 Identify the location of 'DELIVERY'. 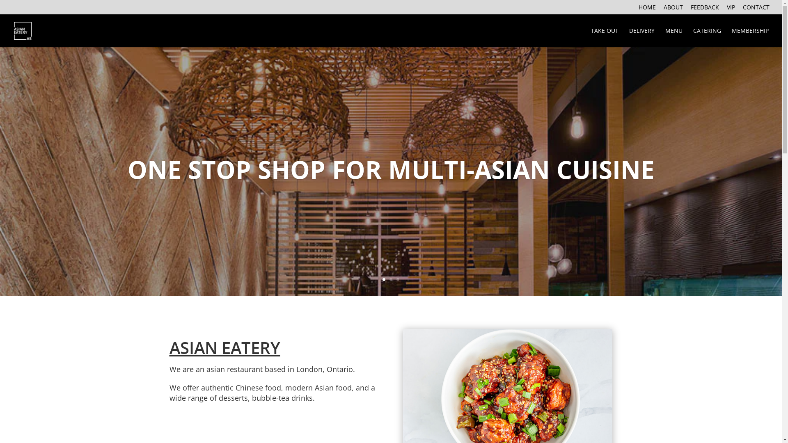
(628, 37).